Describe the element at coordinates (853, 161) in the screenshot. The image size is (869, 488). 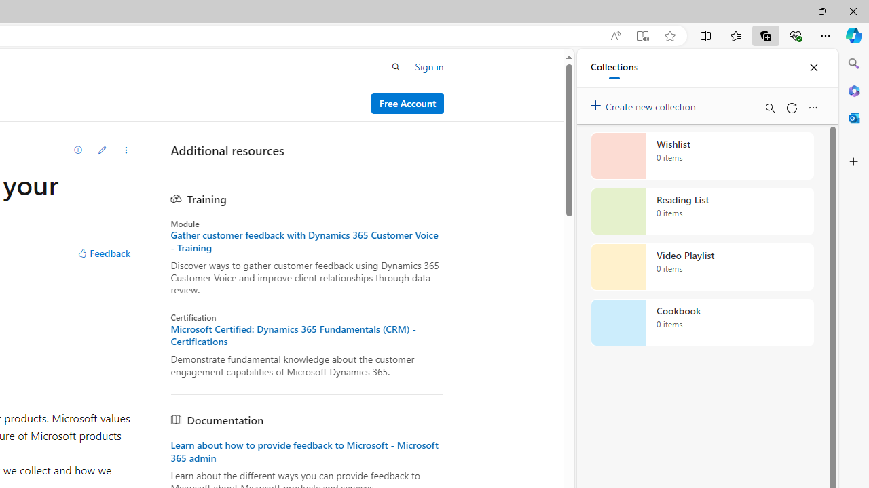
I see `'Customize'` at that location.